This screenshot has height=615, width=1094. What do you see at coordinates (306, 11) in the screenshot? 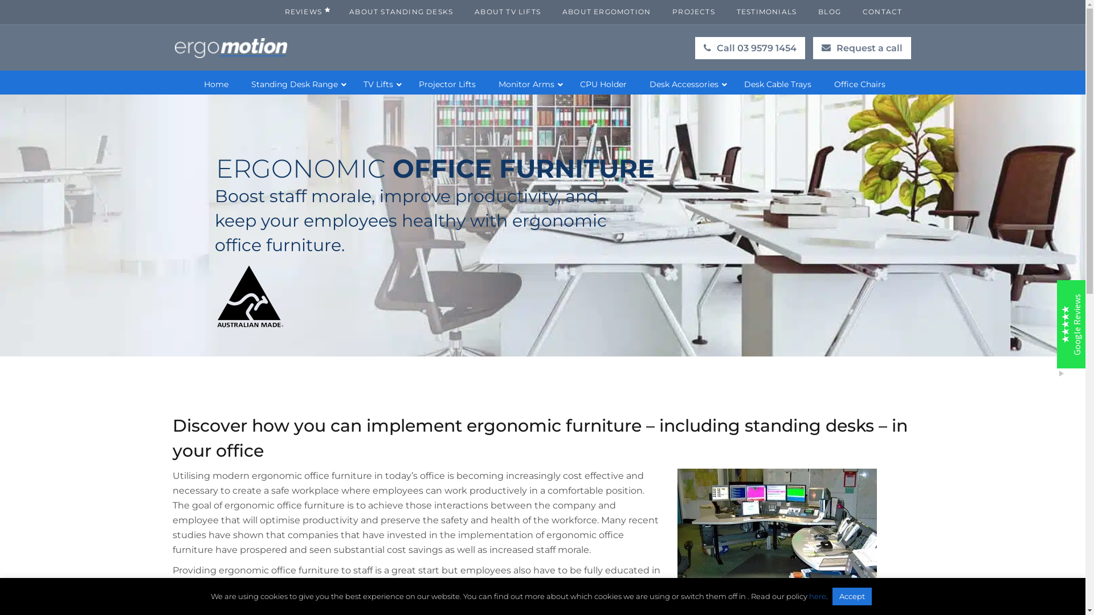
I see `'REVIEWS'` at bounding box center [306, 11].